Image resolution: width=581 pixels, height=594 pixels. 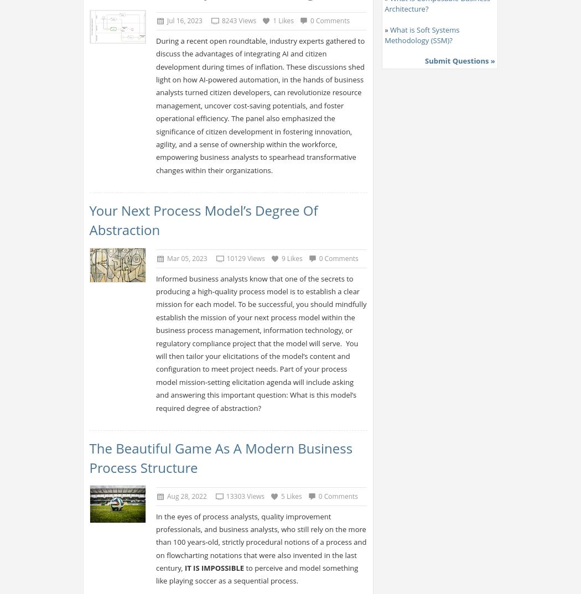 I want to click on '5 Likes', so click(x=291, y=496).